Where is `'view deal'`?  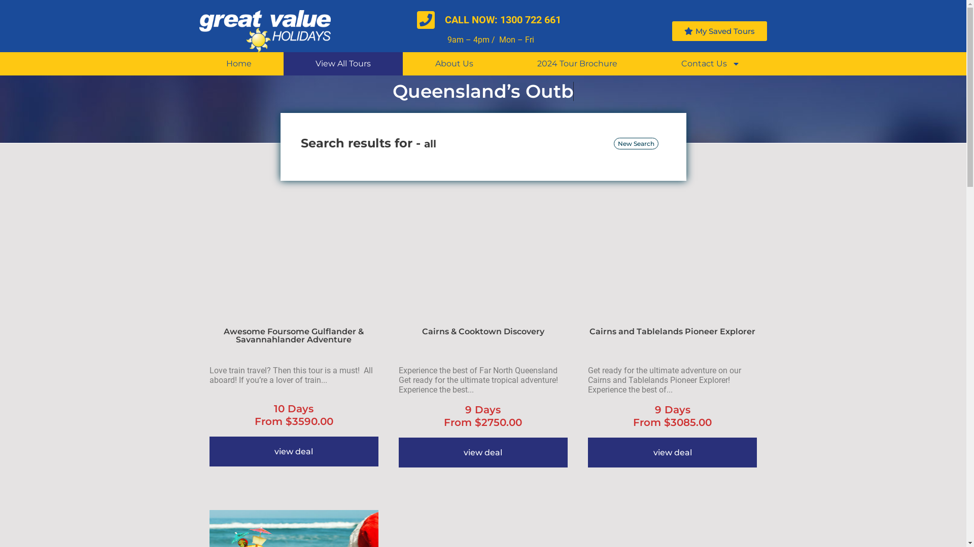
'view deal' is located at coordinates (293, 451).